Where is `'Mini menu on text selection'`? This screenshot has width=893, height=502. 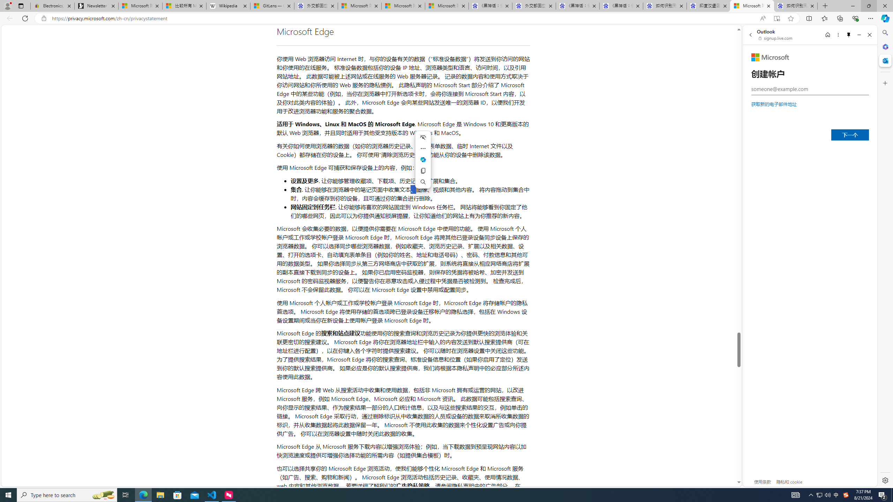
'Mini menu on text selection' is located at coordinates (422, 159).